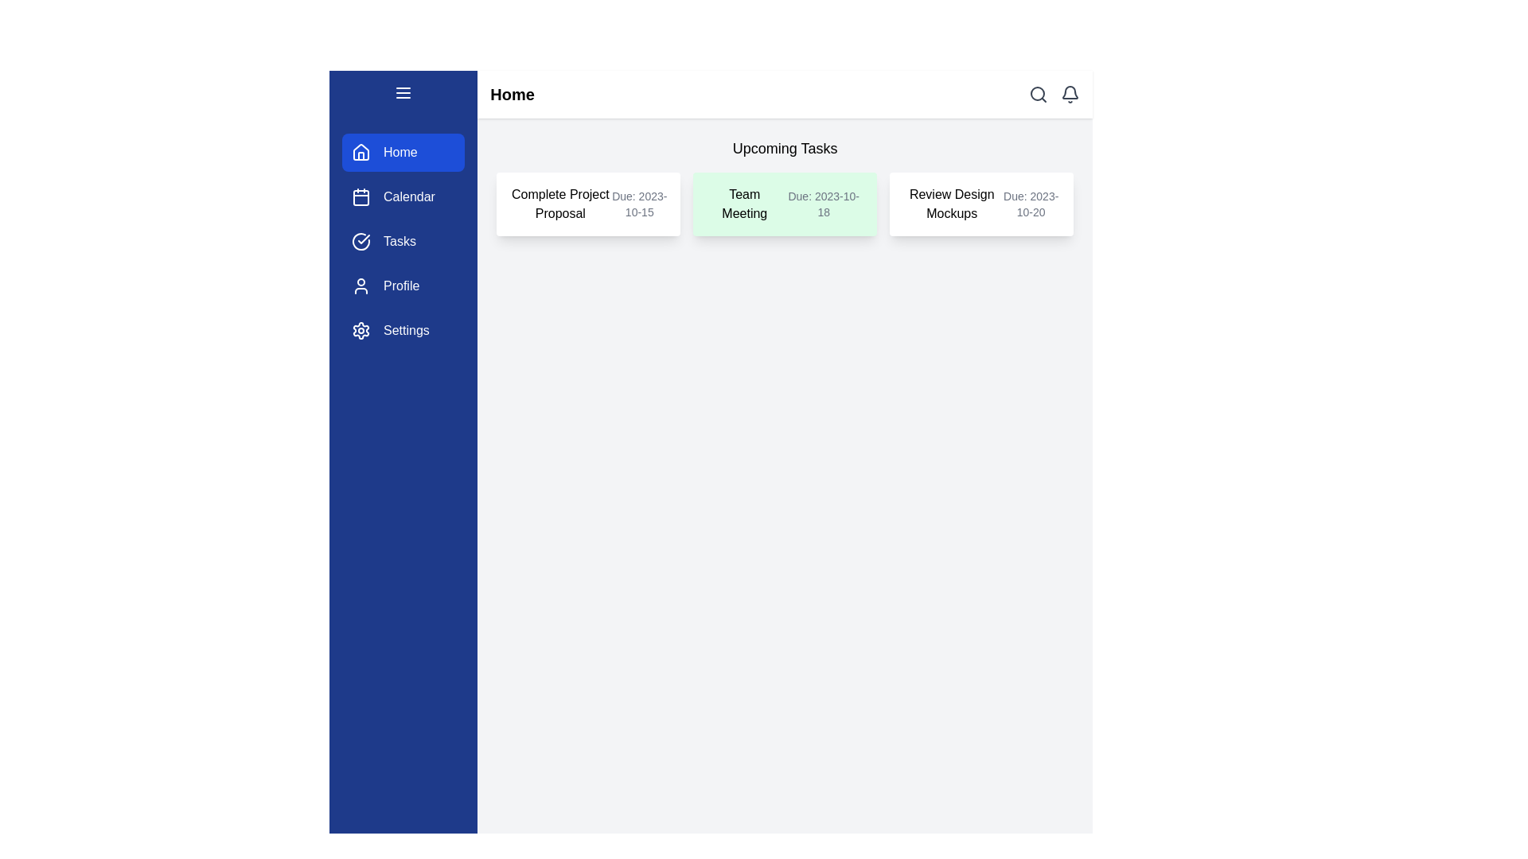 The height and width of the screenshot is (859, 1528). Describe the element at coordinates (1031, 204) in the screenshot. I see `the due date information of the task label located in the bottom-right corner of the 'Review Design Mockups' task card` at that location.